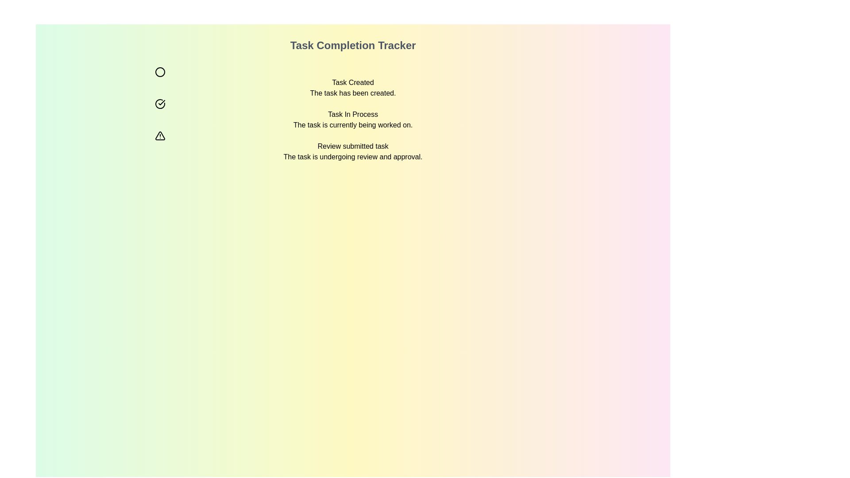 This screenshot has height=478, width=850. Describe the element at coordinates (352, 146) in the screenshot. I see `the static text element that reads 'Review submitted task', which is styled in black font on a light gradient background, located beneath the title 'Task Completion Tracker'` at that location.